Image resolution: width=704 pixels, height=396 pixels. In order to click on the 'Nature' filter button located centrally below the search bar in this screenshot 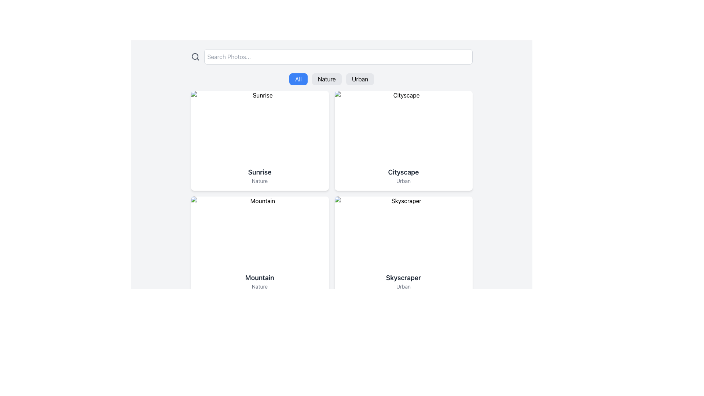, I will do `click(326, 79)`.